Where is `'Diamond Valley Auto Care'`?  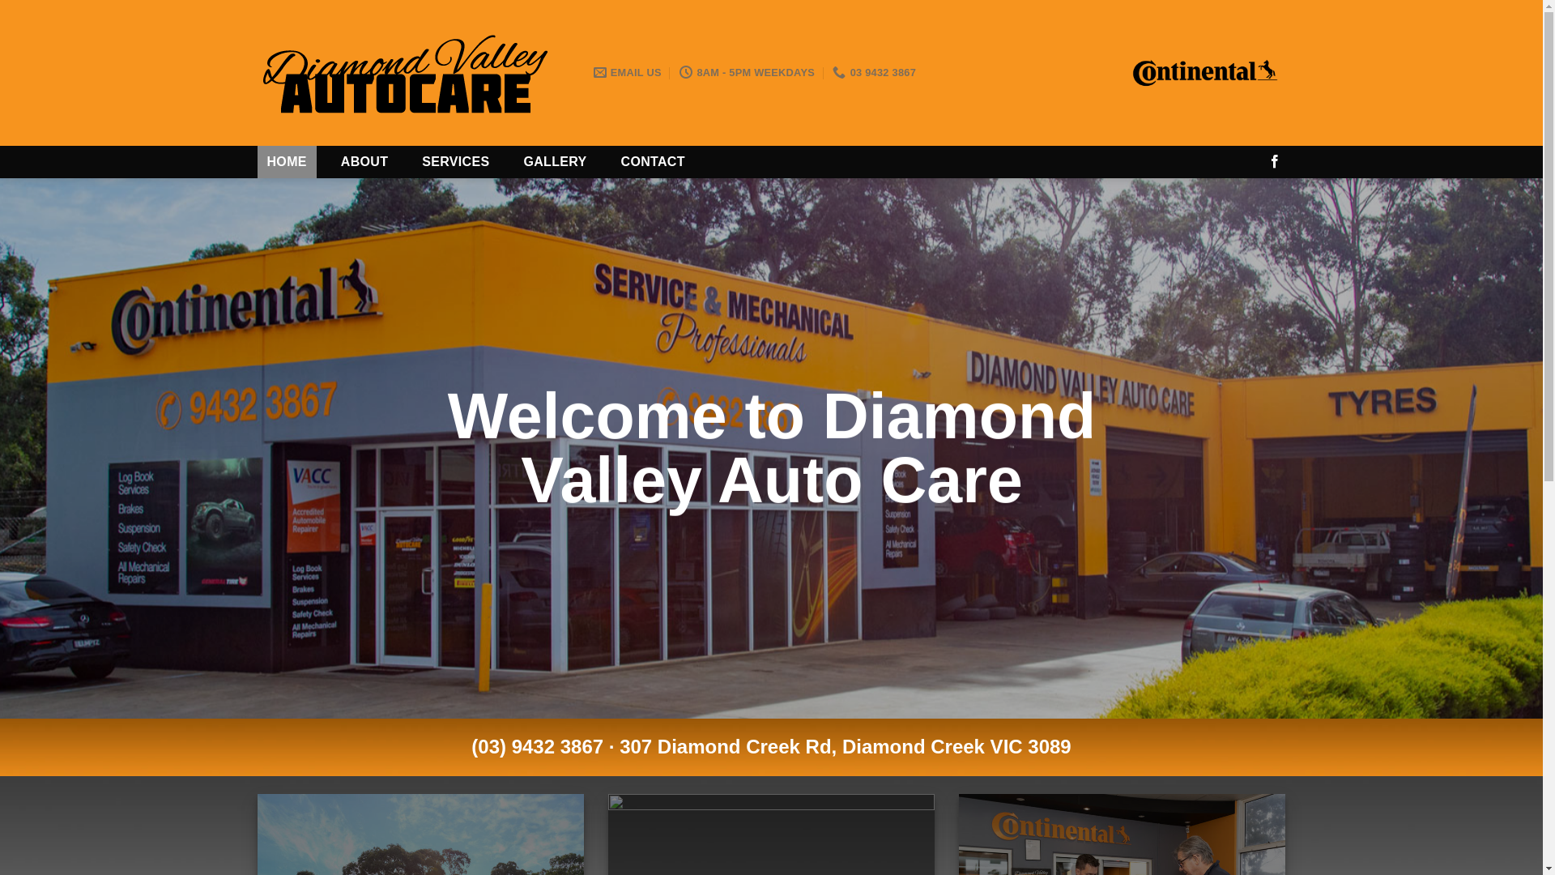 'Diamond Valley Auto Care' is located at coordinates (413, 71).